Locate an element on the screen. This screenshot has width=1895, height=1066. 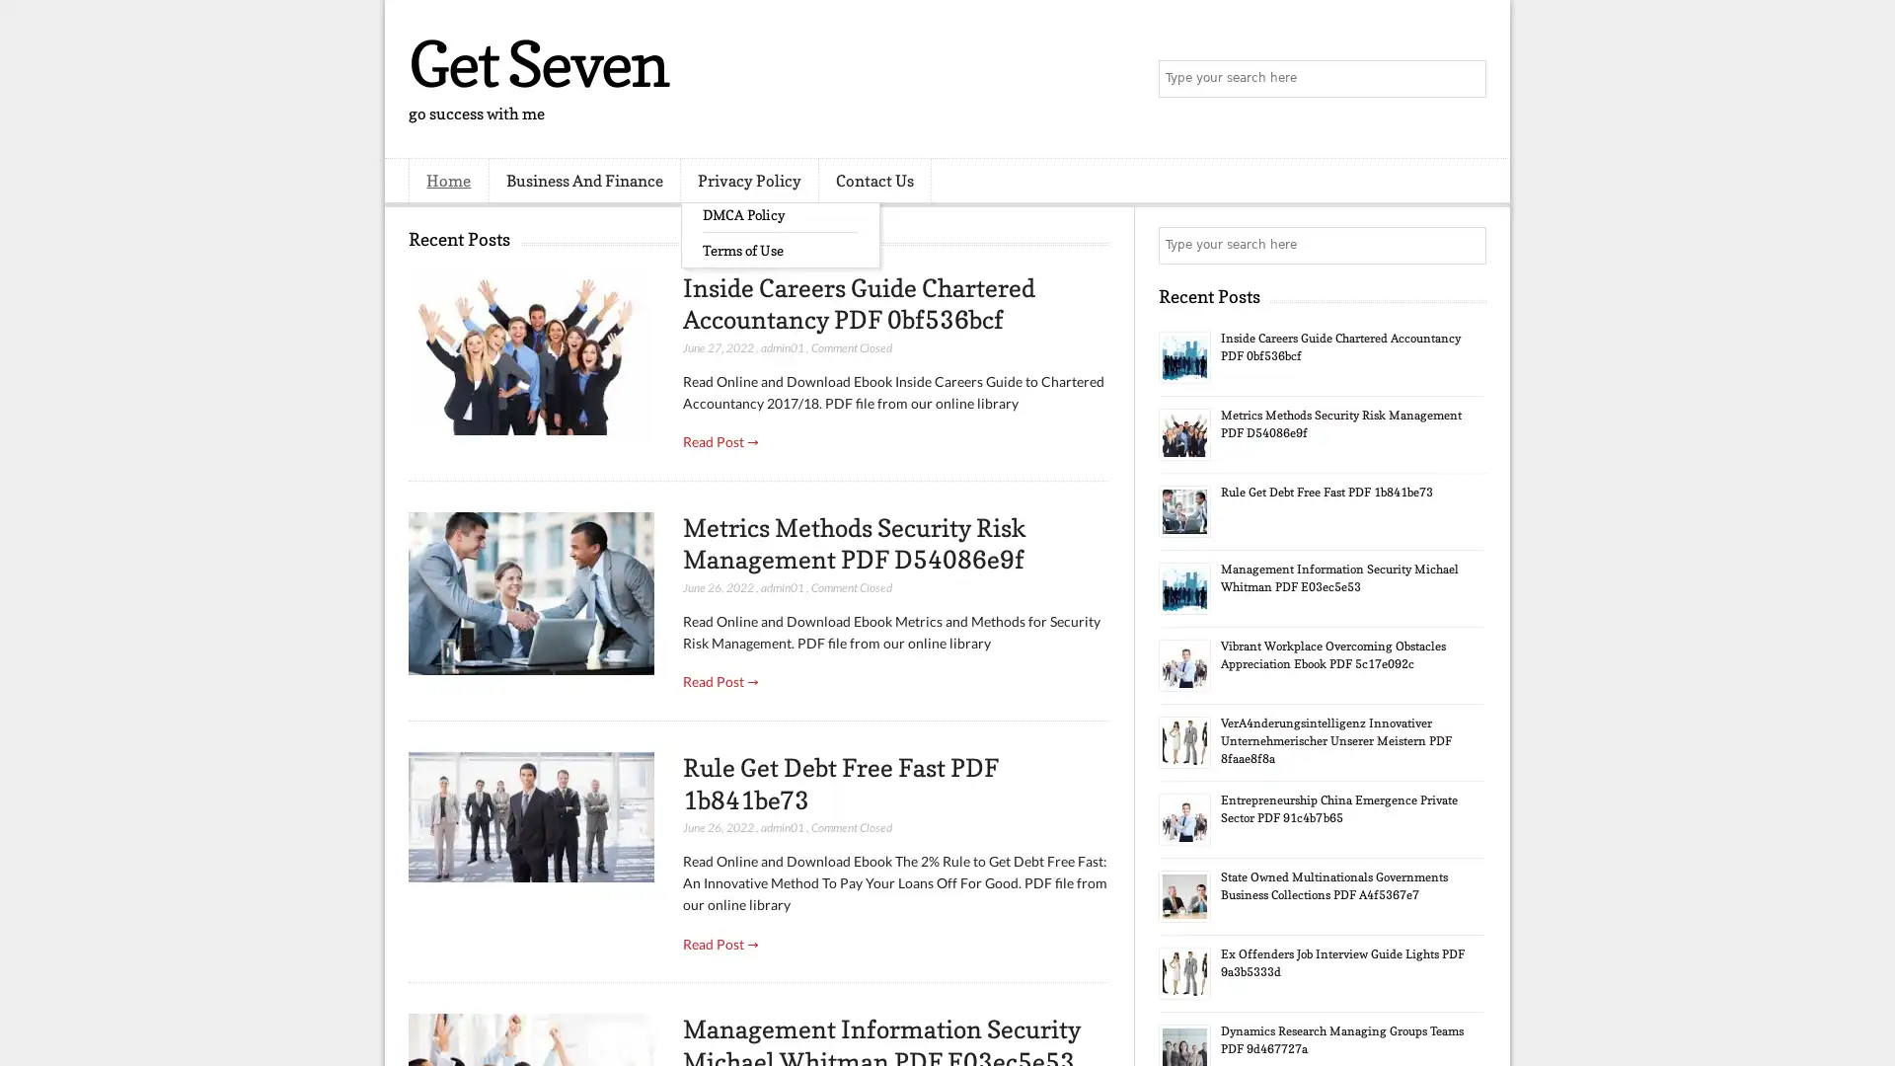
Search is located at coordinates (1466, 245).